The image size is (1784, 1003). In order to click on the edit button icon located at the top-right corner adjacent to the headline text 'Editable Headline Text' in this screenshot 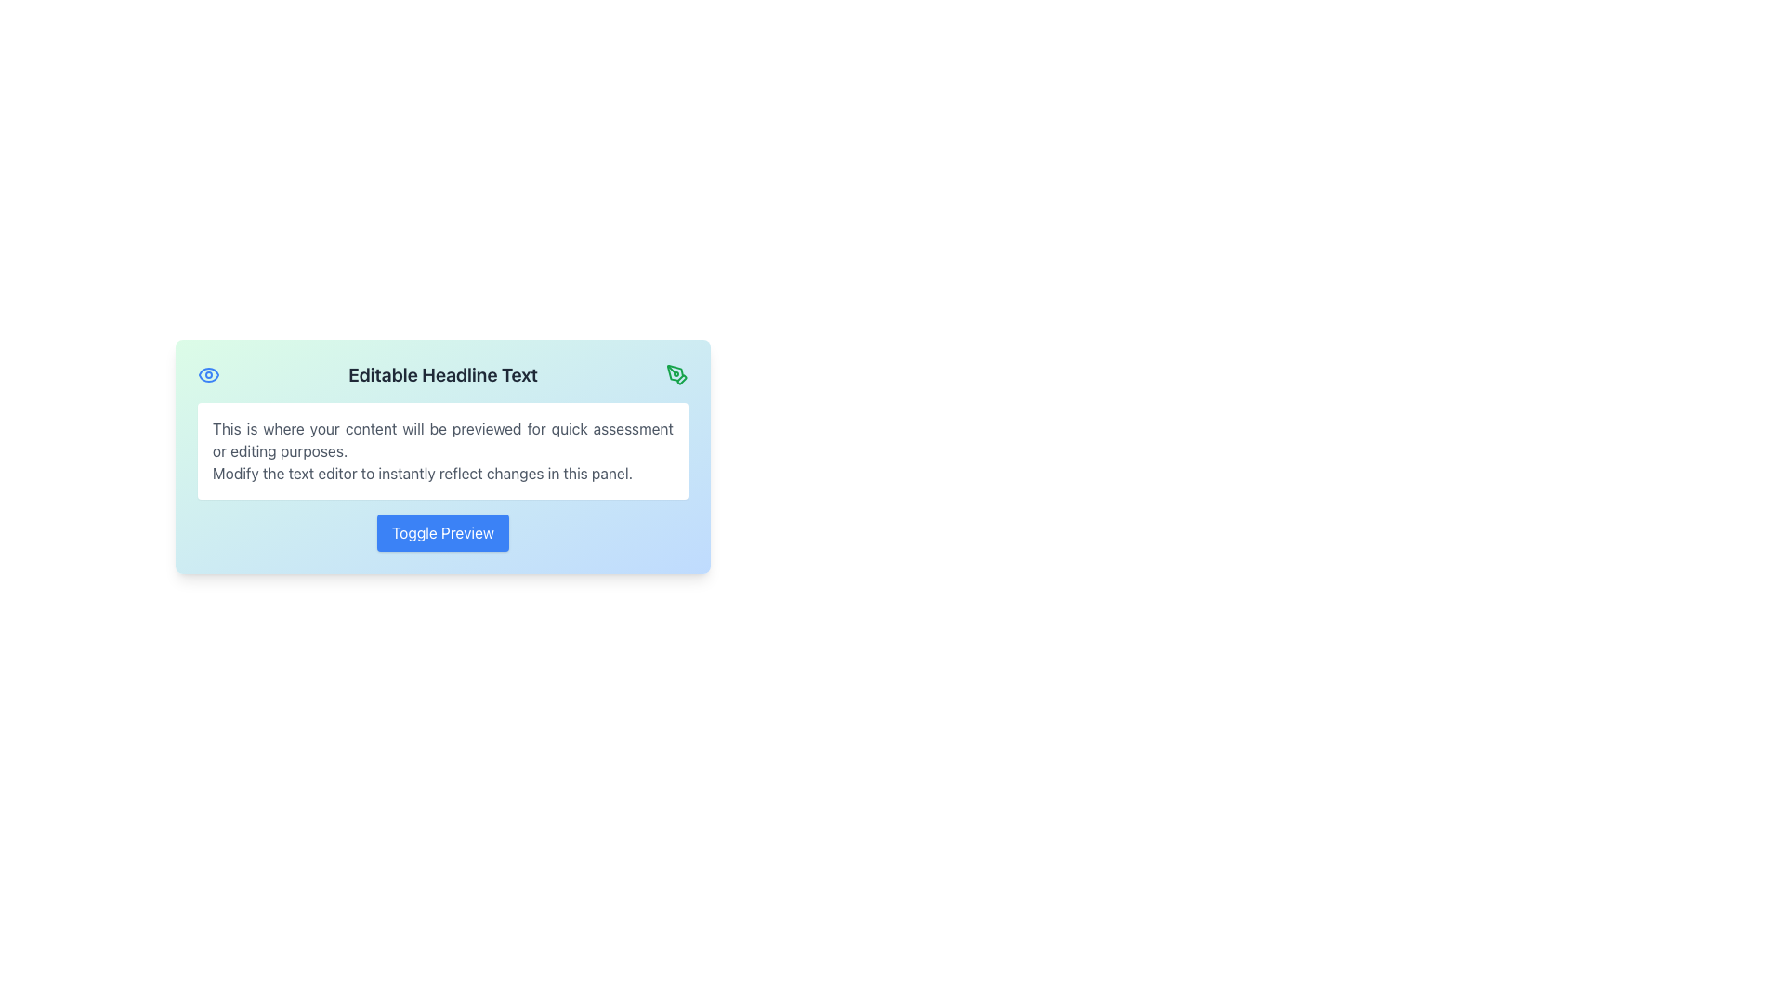, I will do `click(676, 375)`.